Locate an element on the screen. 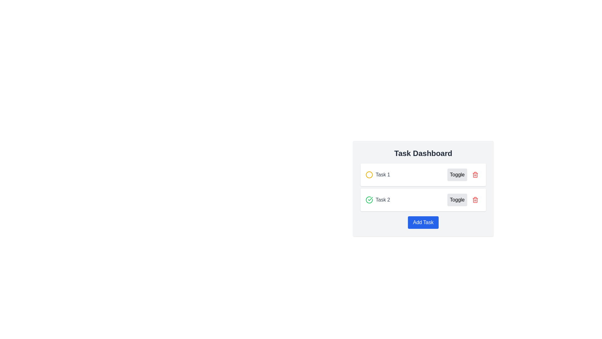 This screenshot has width=602, height=339. displayed text of the task title label located in the second row of the task list, positioned to the right of the green checkmark icon and to the left of the toggle button and delete icon is located at coordinates (383, 200).